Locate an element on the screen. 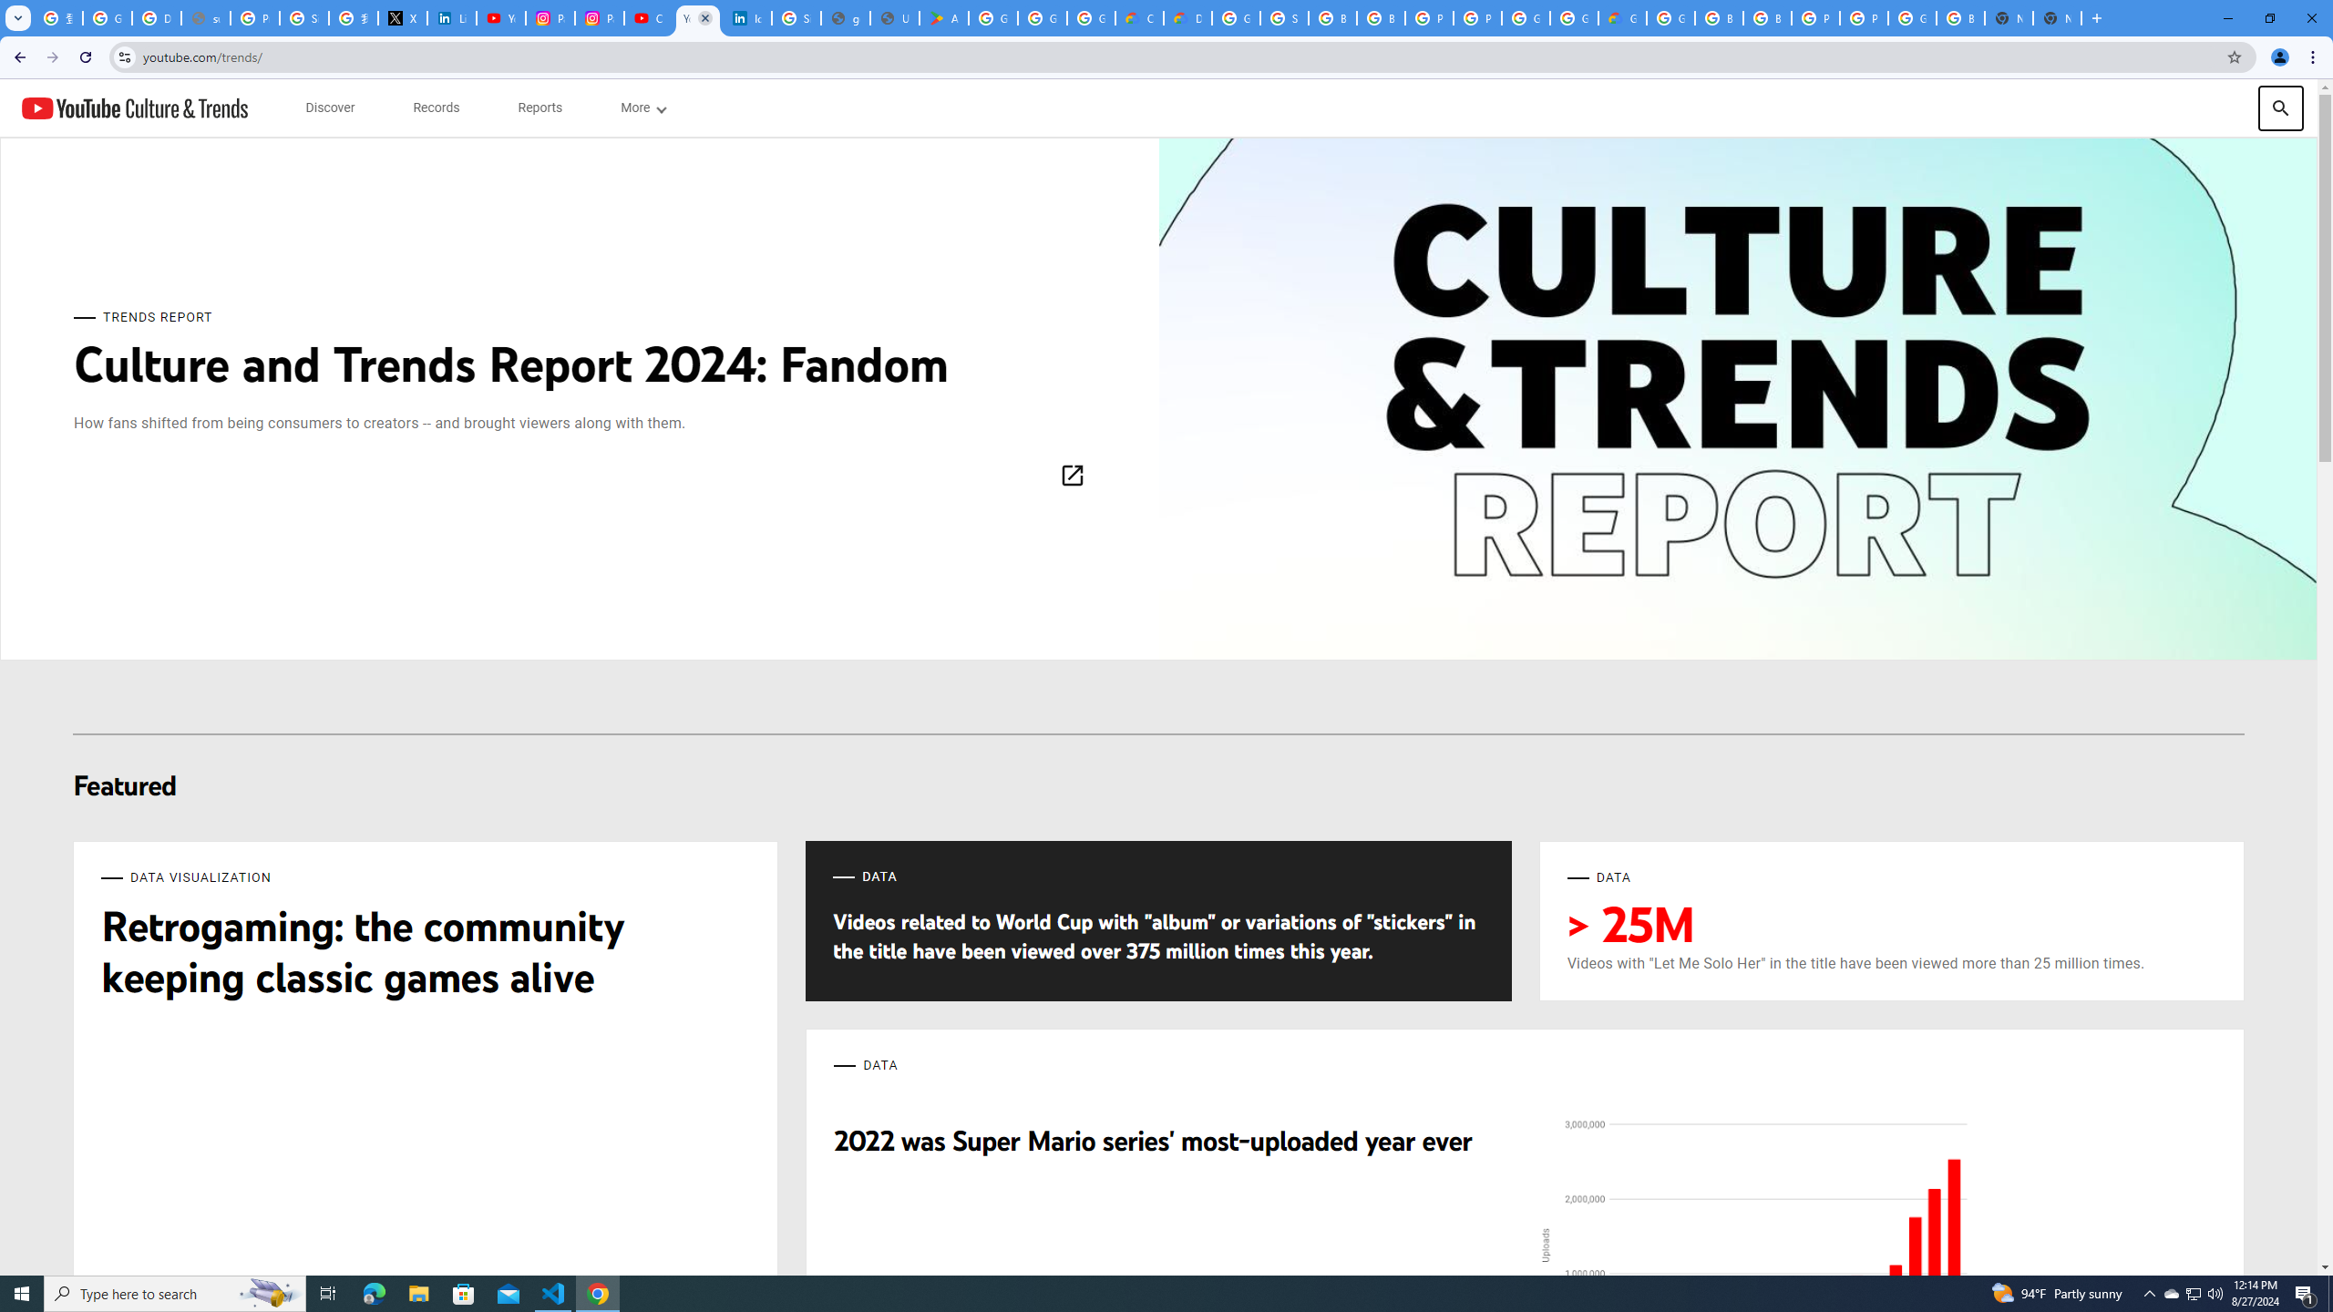  'YouTube Culture & Trends' is located at coordinates (133, 108).